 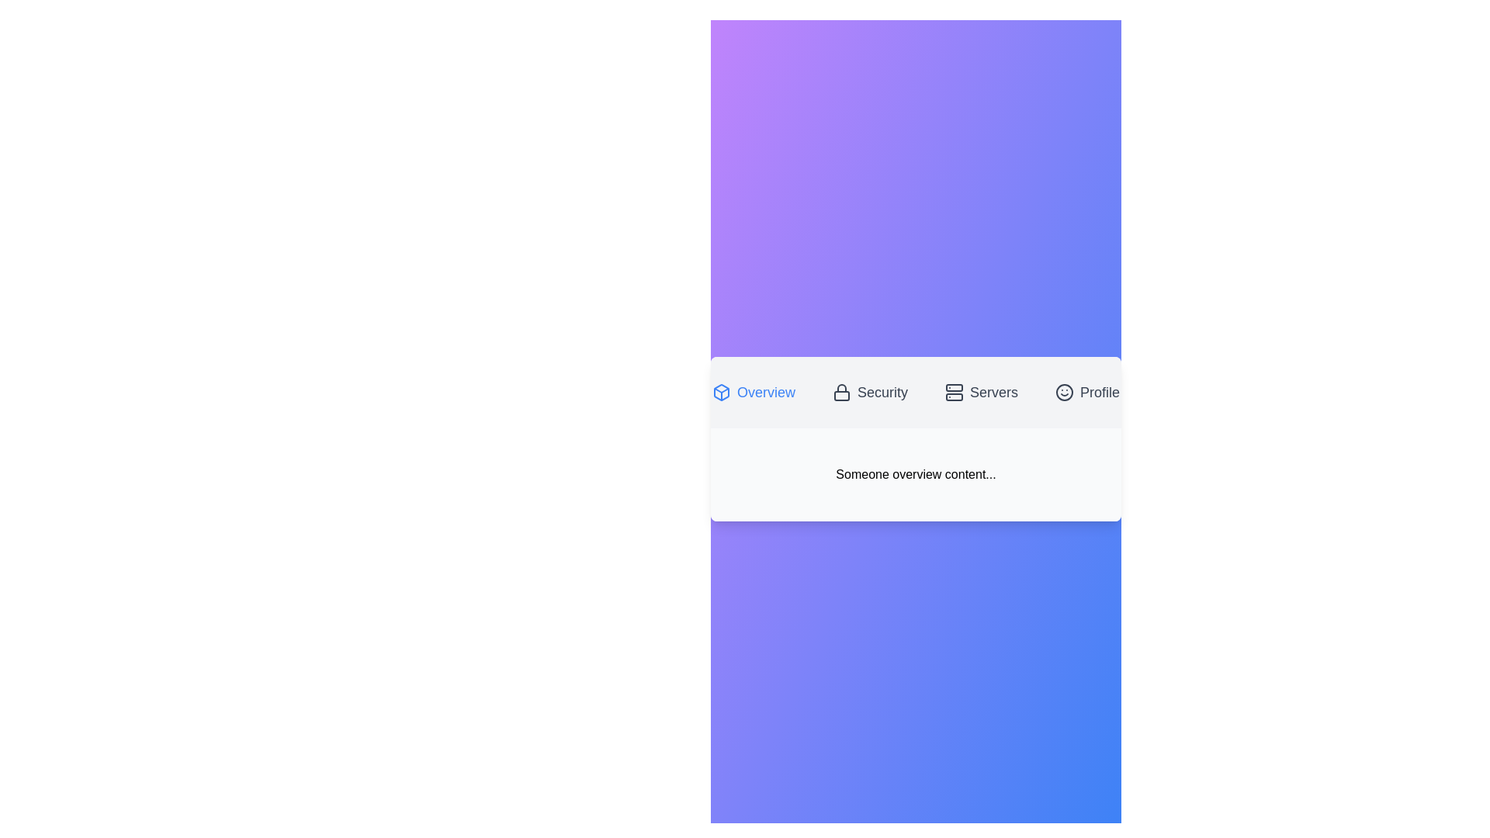 What do you see at coordinates (1086, 391) in the screenshot?
I see `the navigation button that leads to the user's profile section, located at the rightmost side of the navigation bar, to change its background color` at bounding box center [1086, 391].